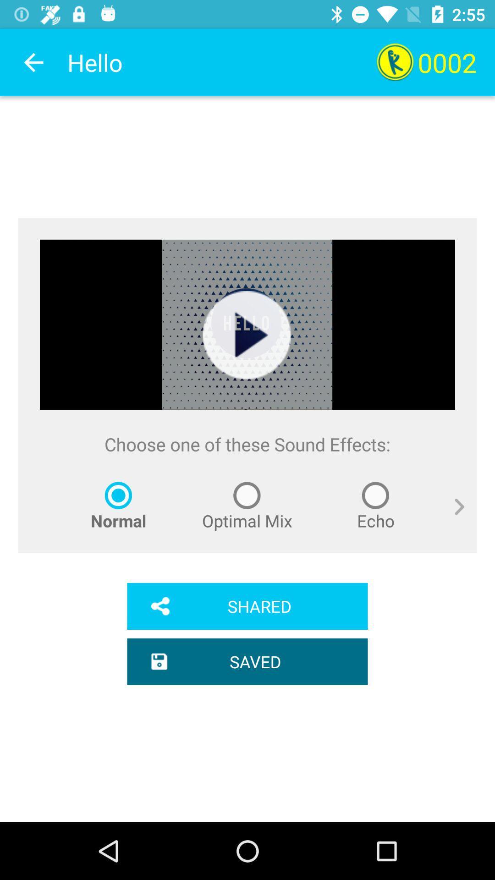 Image resolution: width=495 pixels, height=880 pixels. Describe the element at coordinates (247, 606) in the screenshot. I see `item above saved` at that location.